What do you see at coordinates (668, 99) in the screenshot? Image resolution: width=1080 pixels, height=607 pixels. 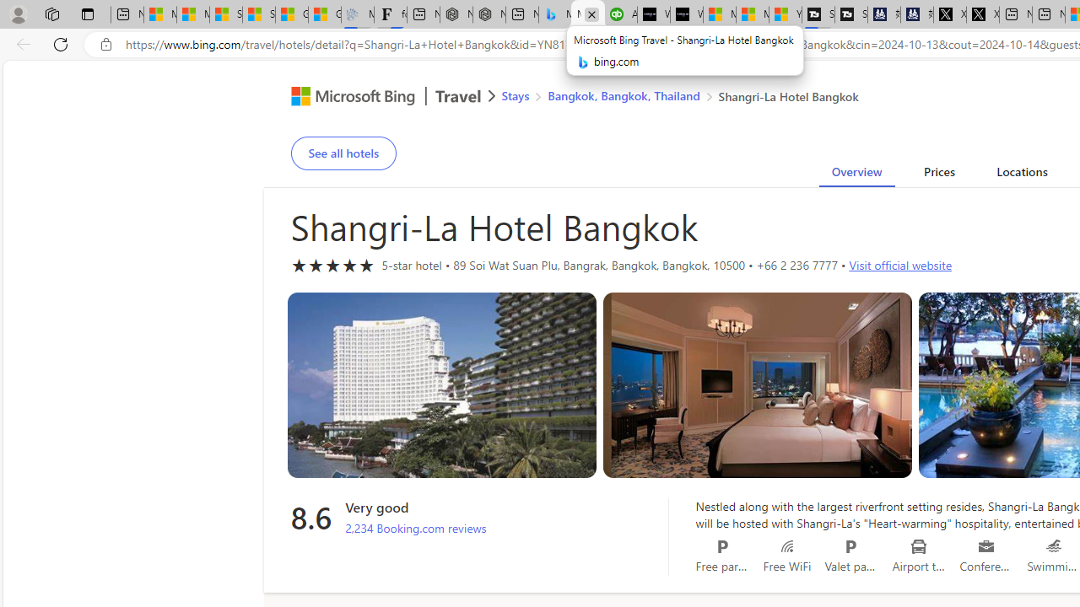 I see `'AutomationID: bread-crumb-root'` at bounding box center [668, 99].